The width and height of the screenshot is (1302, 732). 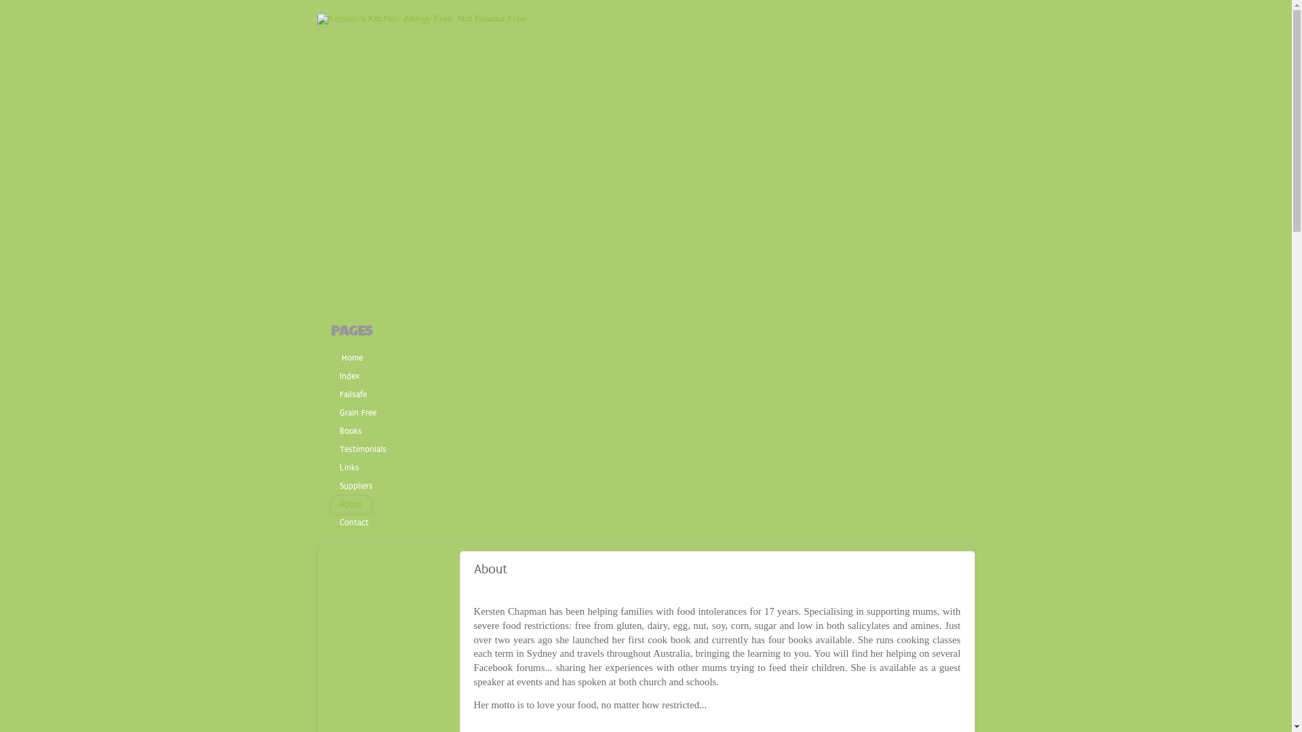 I want to click on 'Index', so click(x=331, y=376).